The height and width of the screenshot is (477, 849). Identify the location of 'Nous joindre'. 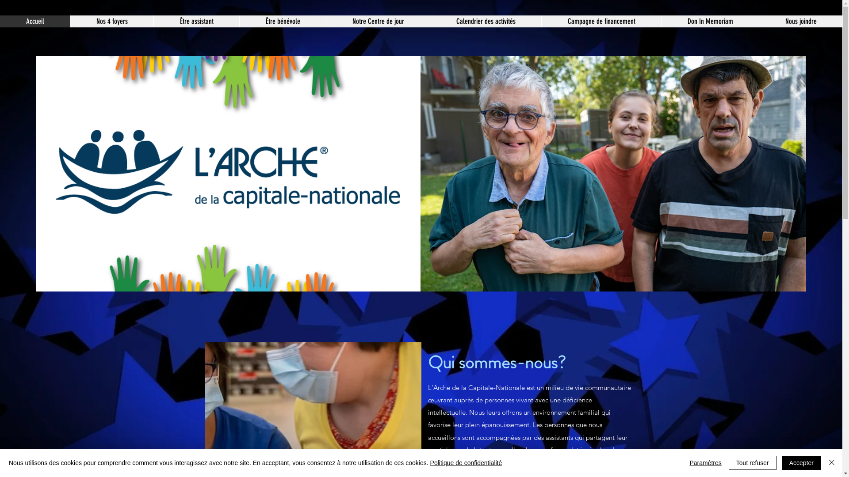
(800, 21).